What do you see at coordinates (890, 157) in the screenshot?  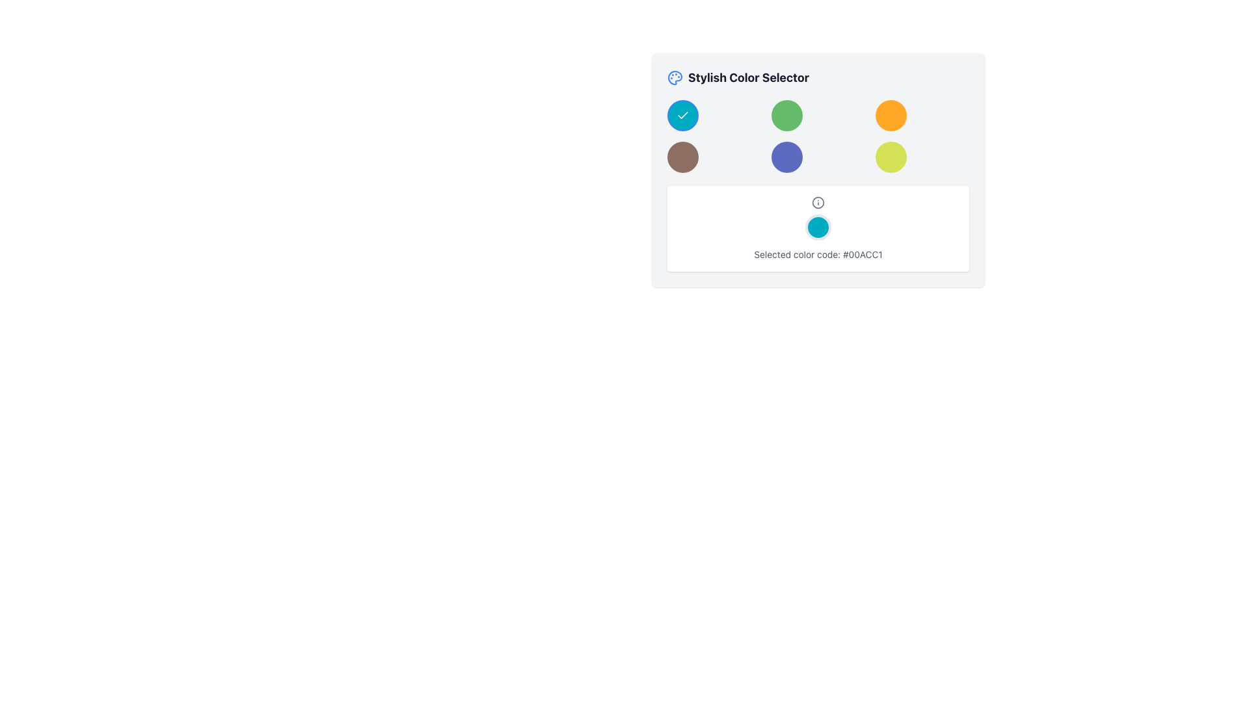 I see `the circular interactive button with a yellow-green background located in the bottom-right corner of a 3x3 grid of buttons` at bounding box center [890, 157].